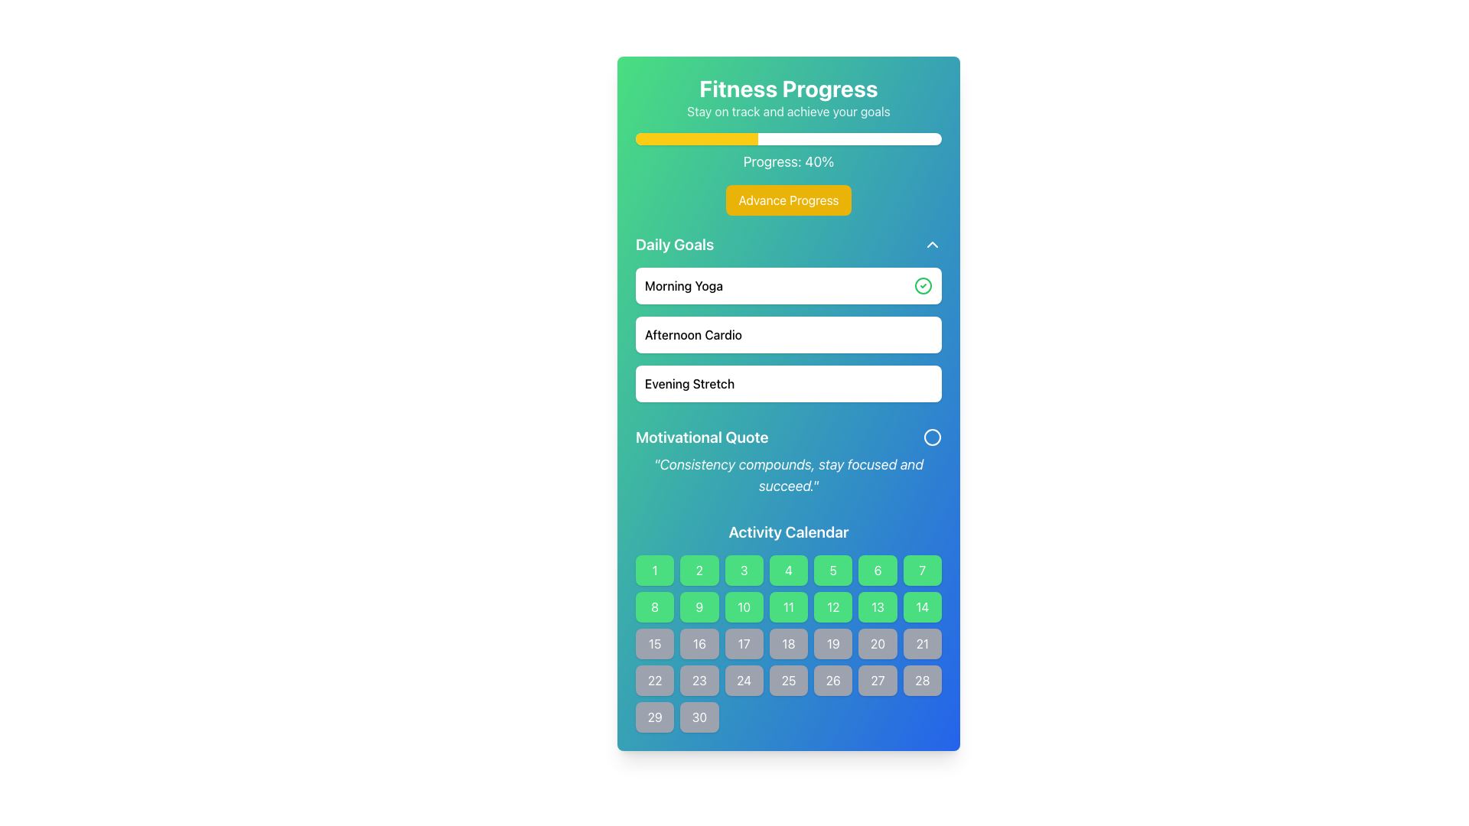 Image resolution: width=1469 pixels, height=826 pixels. I want to click on the button representing the 28th day in the activity calendar, so click(921, 680).